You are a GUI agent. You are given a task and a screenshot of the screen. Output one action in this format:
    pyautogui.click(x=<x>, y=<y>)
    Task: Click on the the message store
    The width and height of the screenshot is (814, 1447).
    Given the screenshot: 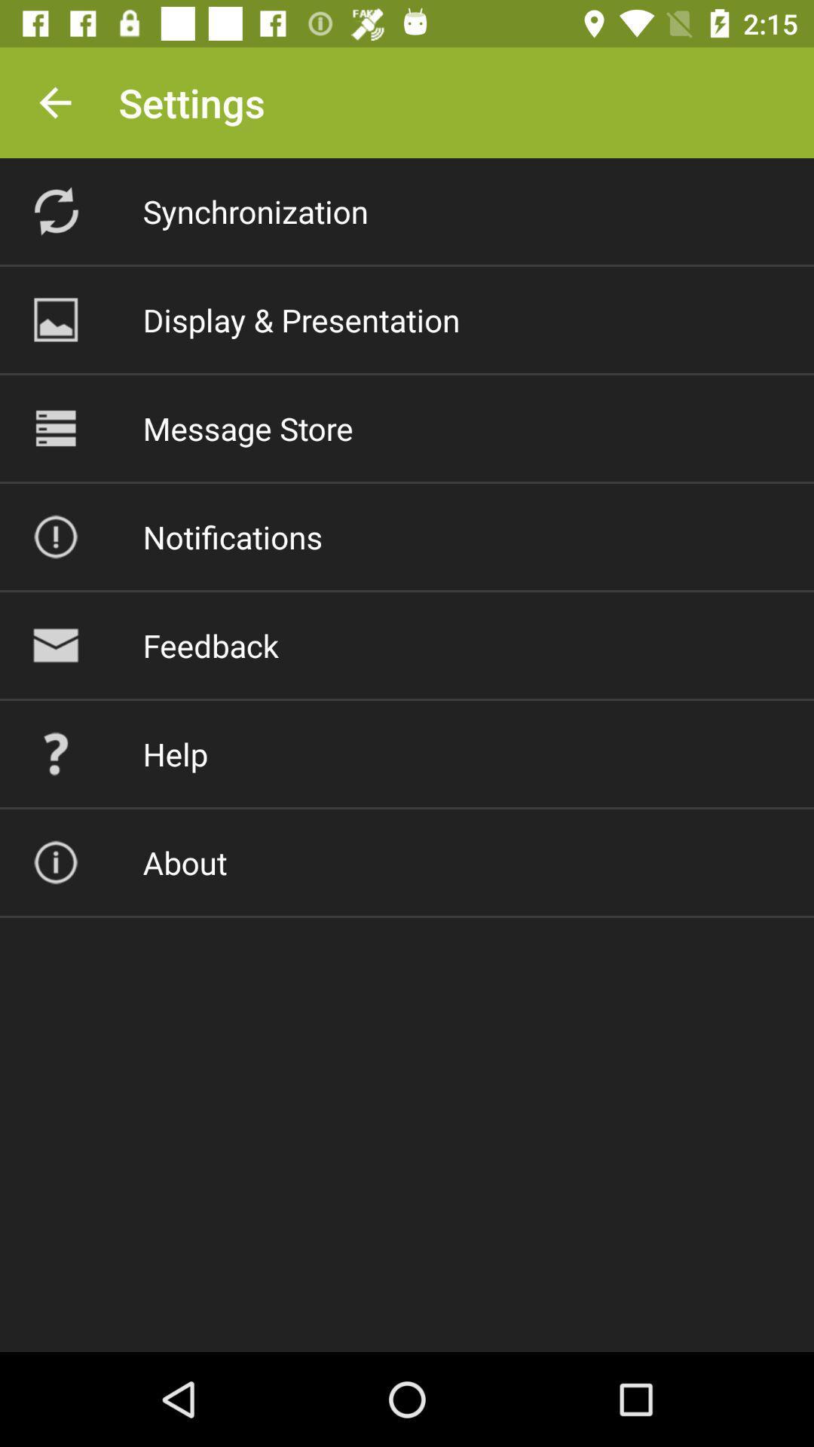 What is the action you would take?
    pyautogui.click(x=247, y=427)
    